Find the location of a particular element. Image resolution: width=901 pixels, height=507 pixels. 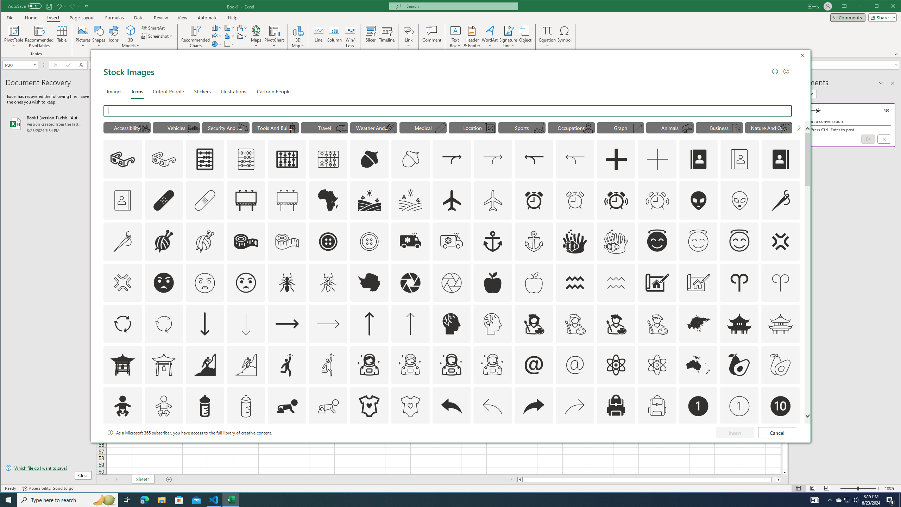

'3D Map' is located at coordinates (298, 36).